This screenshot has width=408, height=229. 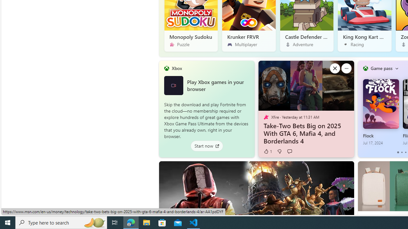 I want to click on 'Start the conversation', so click(x=289, y=151).